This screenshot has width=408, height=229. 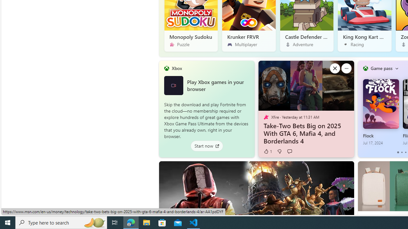 I want to click on 'Start the conversation', so click(x=289, y=151).